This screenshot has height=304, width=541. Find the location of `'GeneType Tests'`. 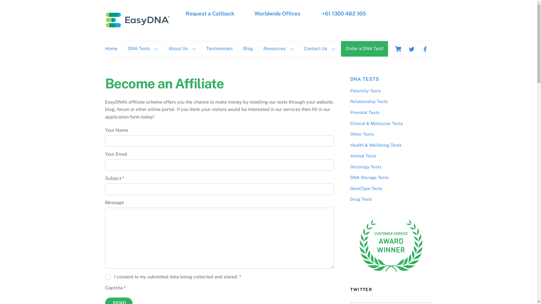

'GeneType Tests' is located at coordinates (366, 188).